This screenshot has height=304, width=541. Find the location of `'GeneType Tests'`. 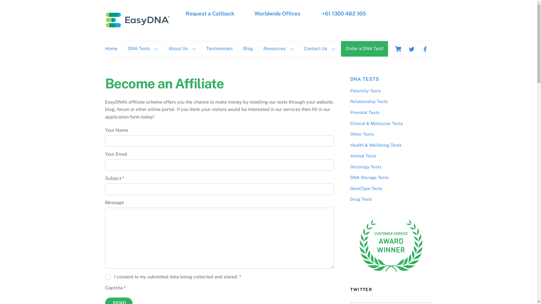

'GeneType Tests' is located at coordinates (366, 188).